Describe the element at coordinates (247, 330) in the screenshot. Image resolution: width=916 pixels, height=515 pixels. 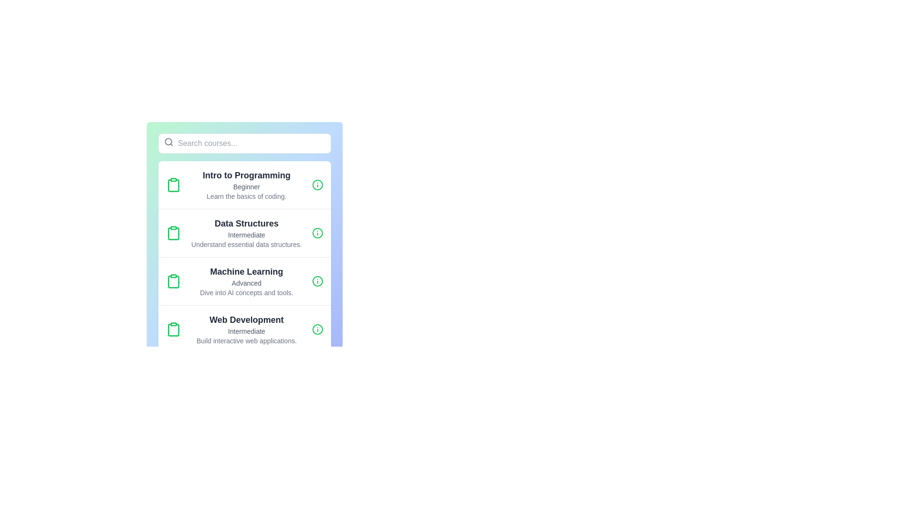
I see `label displaying the text 'Intermediate', which is styled in a smaller font size and gray color, located below the 'Web Development' title` at that location.